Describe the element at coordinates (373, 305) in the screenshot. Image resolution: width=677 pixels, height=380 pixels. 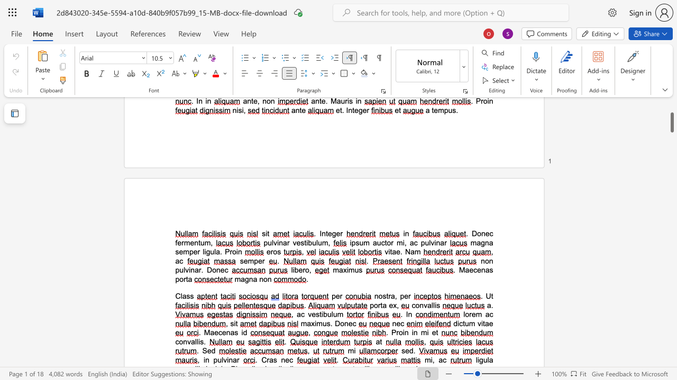
I see `the space between the continuous character "p" and "o" in the text` at that location.